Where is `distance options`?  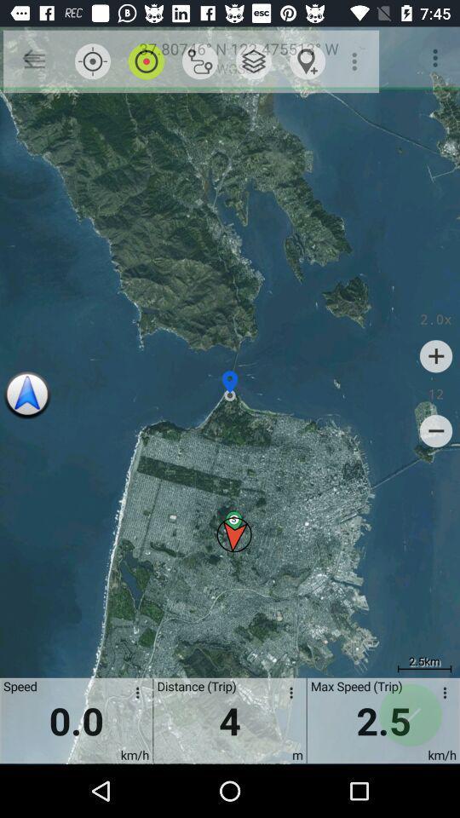 distance options is located at coordinates (287, 695).